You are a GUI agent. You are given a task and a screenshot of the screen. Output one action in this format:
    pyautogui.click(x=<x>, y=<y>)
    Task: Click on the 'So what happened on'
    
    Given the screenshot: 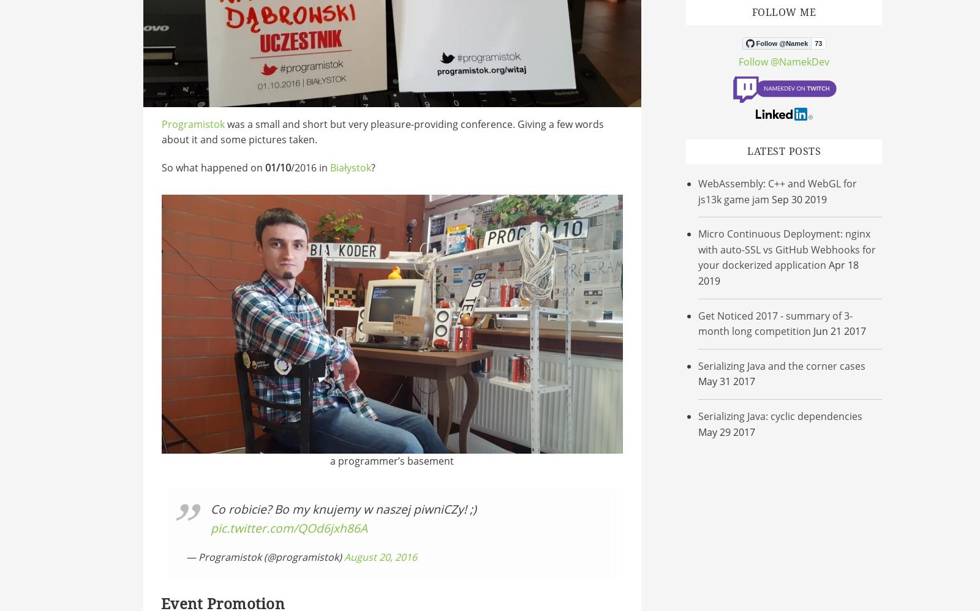 What is the action you would take?
    pyautogui.click(x=213, y=166)
    